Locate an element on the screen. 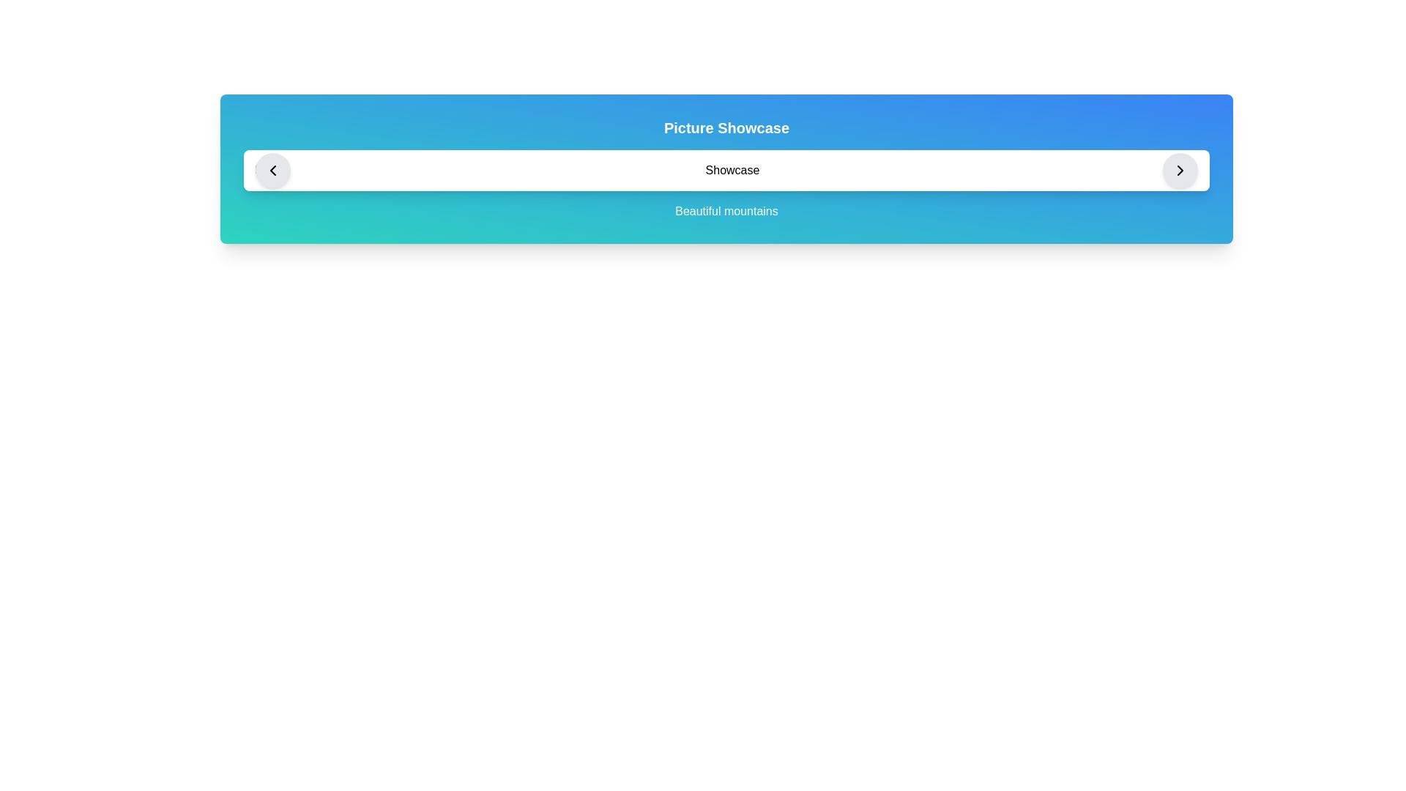 The width and height of the screenshot is (1406, 791). the left-facing arrow icon in the top-centered navigation bar is located at coordinates (273, 169).